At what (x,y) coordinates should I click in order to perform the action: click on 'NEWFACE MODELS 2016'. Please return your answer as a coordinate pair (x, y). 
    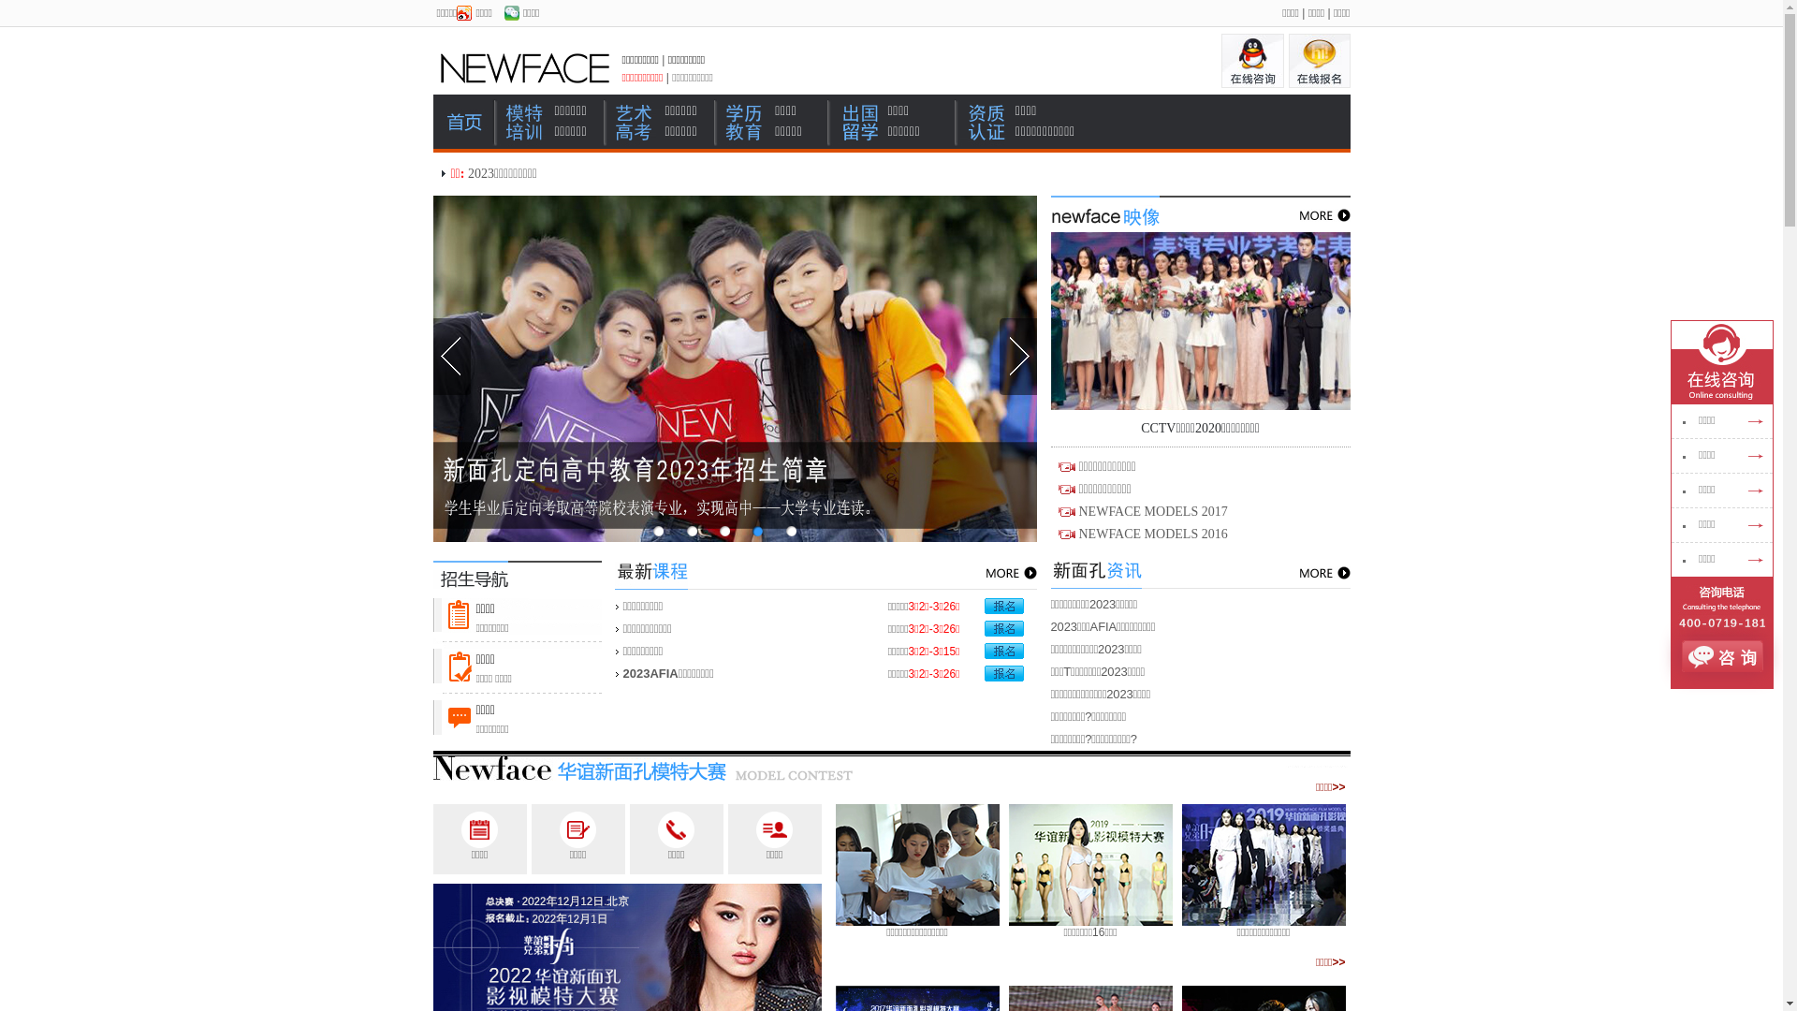
    Looking at the image, I should click on (1151, 534).